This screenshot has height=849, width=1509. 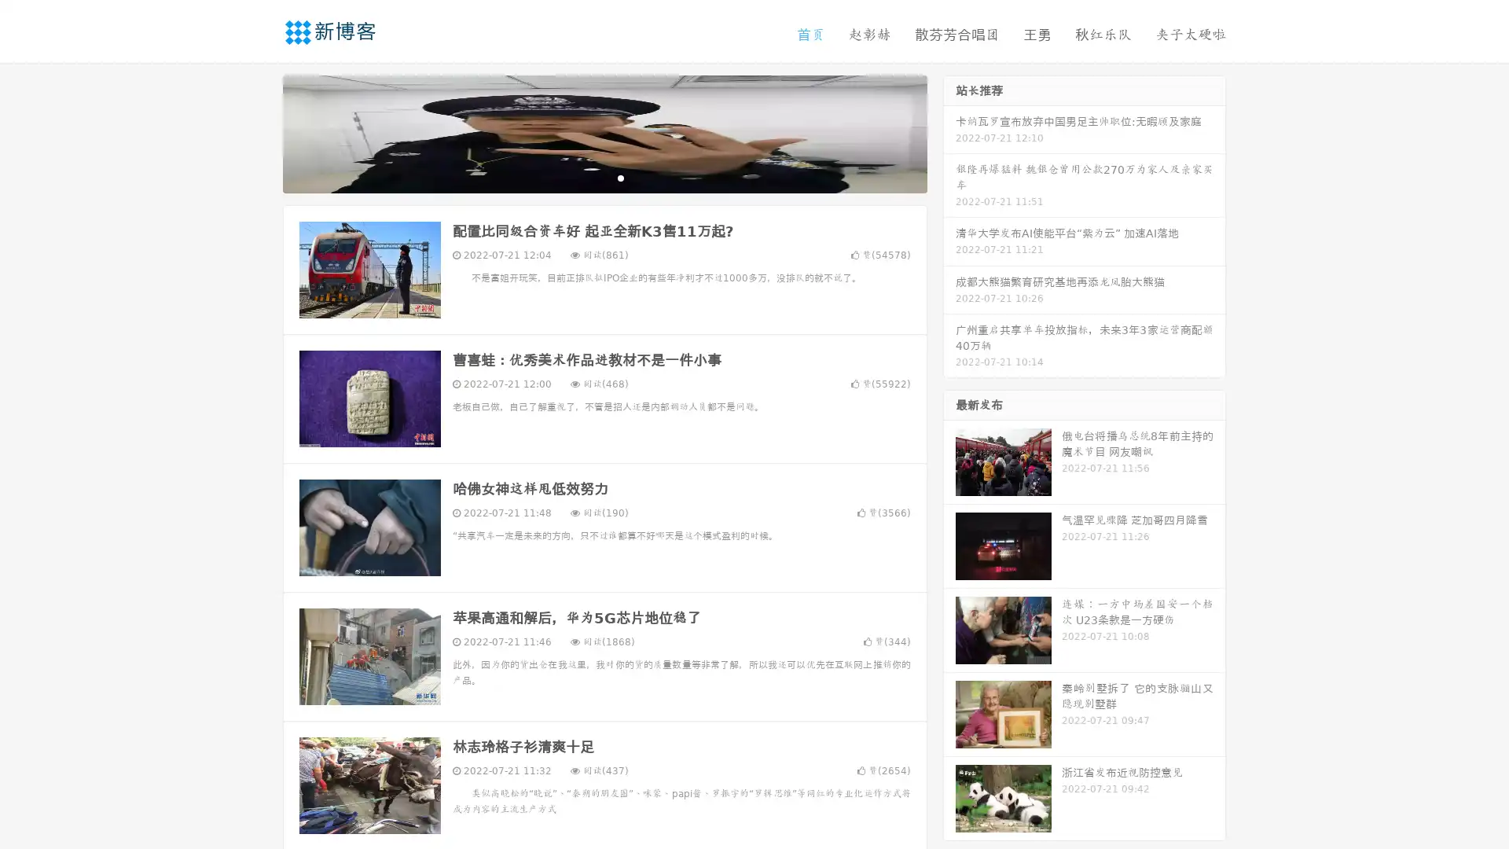 I want to click on Go to slide 2, so click(x=604, y=177).